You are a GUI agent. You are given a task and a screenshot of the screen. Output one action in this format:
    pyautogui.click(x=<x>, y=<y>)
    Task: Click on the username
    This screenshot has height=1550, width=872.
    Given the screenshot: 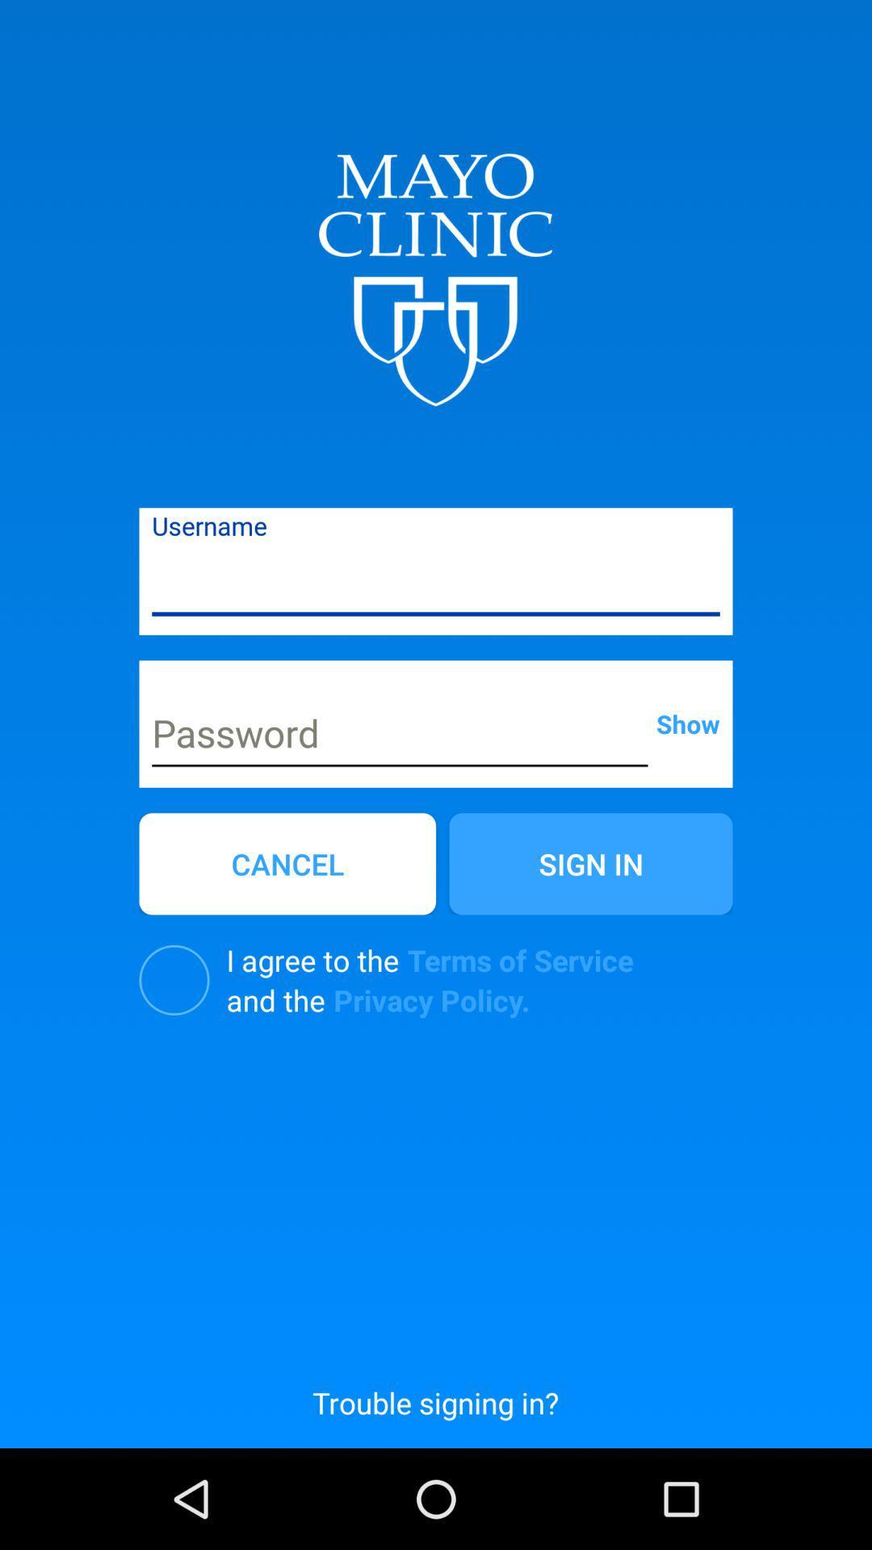 What is the action you would take?
    pyautogui.click(x=436, y=582)
    